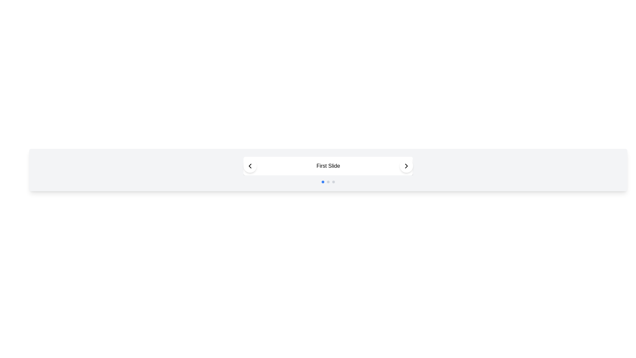  Describe the element at coordinates (406, 166) in the screenshot. I see `the button located on the right side of the carousel interface` at that location.